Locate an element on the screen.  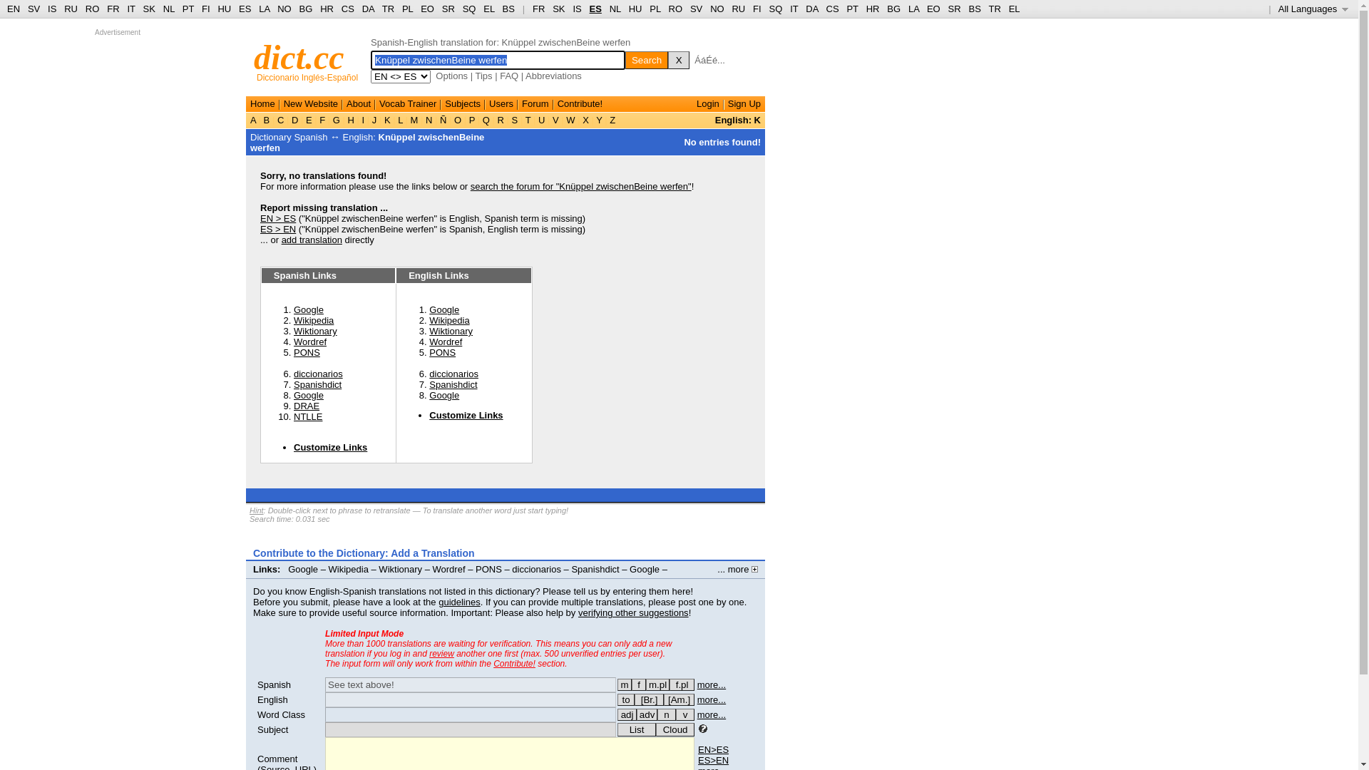
'FI' is located at coordinates (205, 9).